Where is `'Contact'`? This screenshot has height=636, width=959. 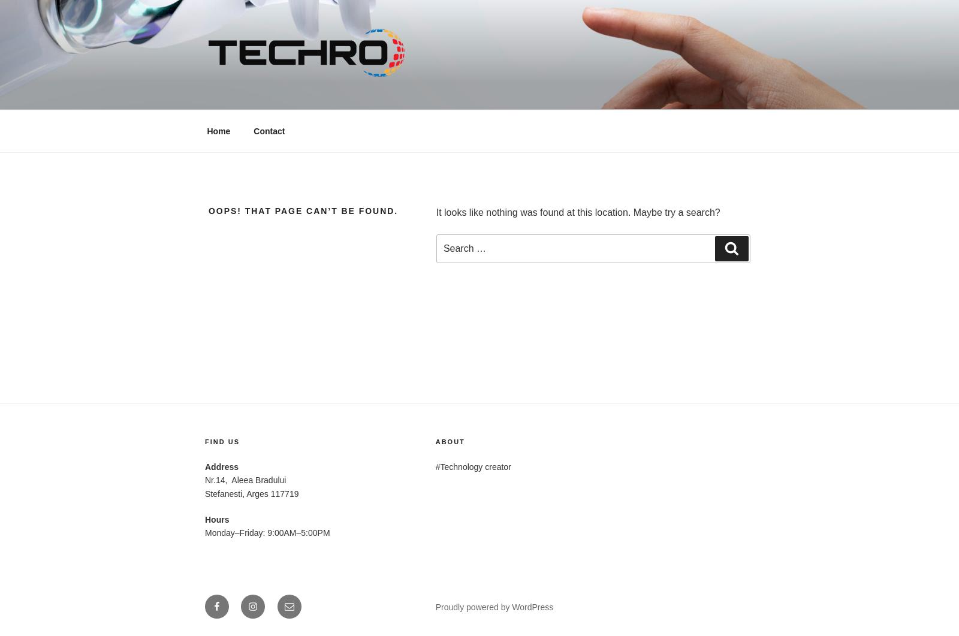 'Contact' is located at coordinates (253, 130).